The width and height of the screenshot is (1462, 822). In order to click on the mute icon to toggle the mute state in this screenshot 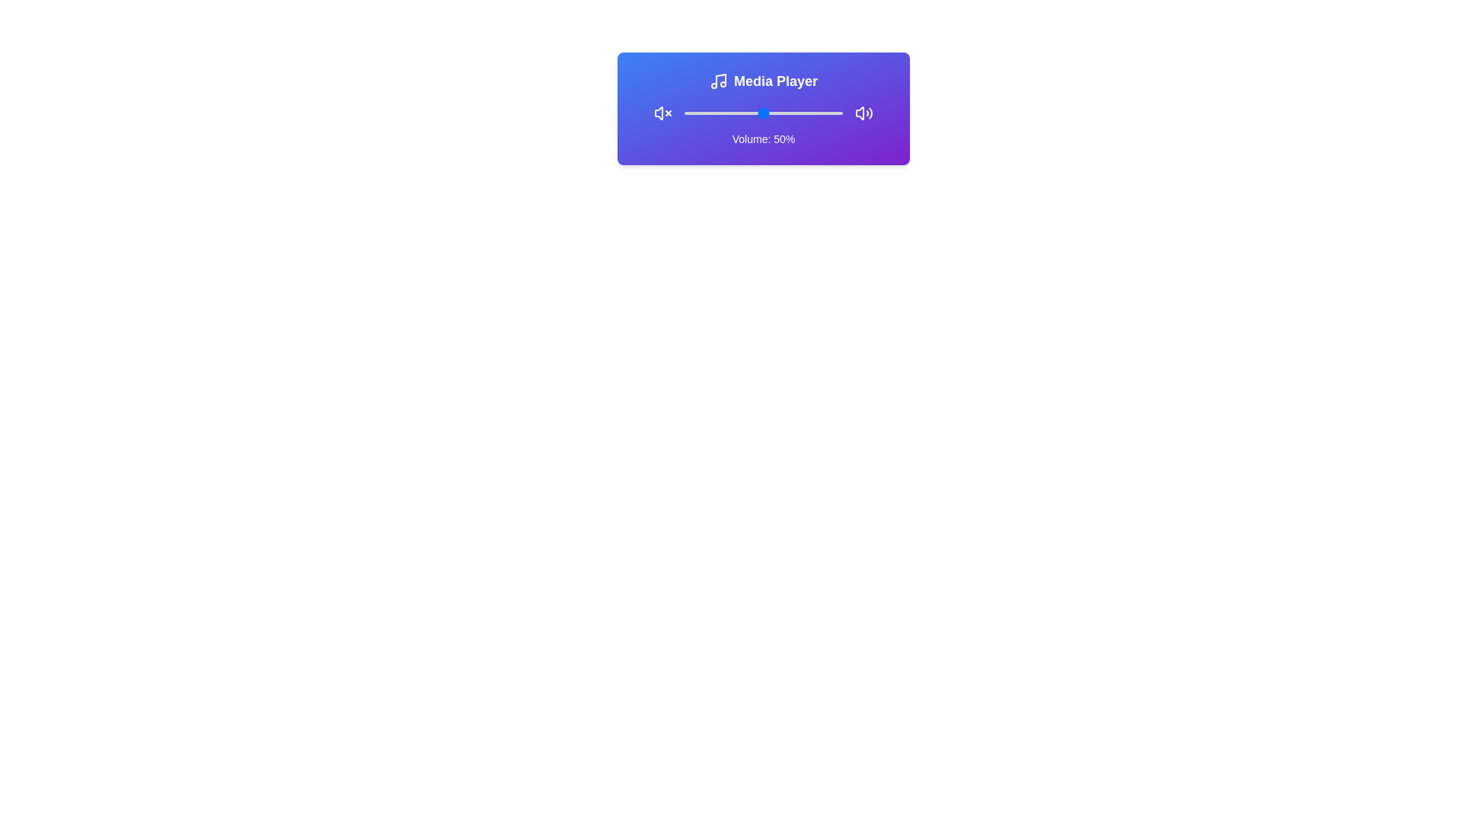, I will do `click(662, 113)`.